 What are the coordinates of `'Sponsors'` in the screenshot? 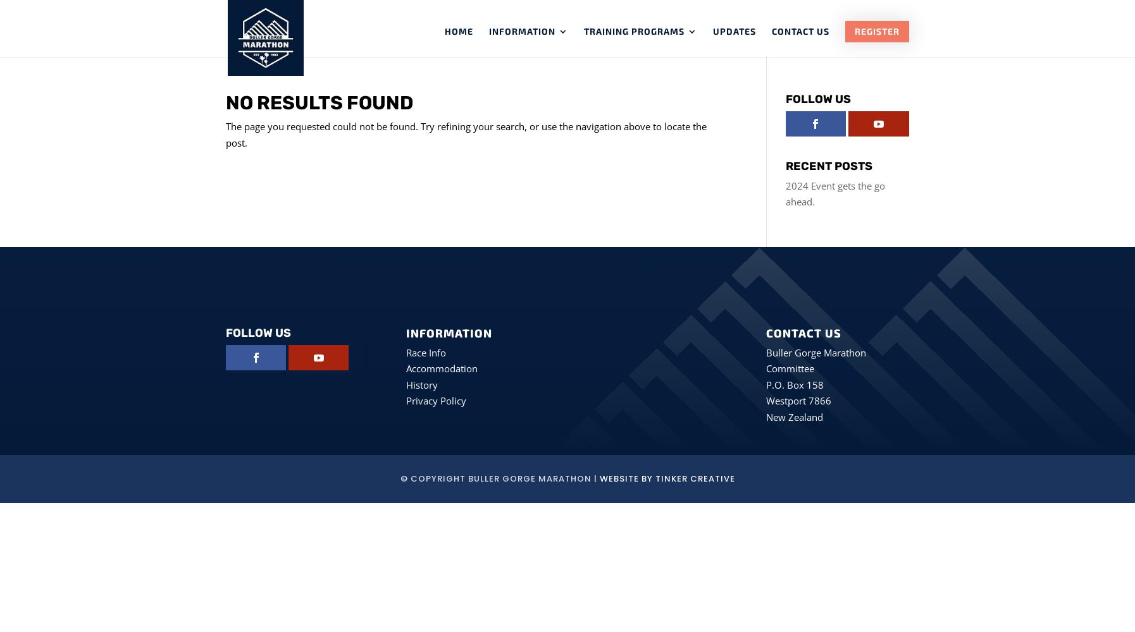 It's located at (540, 185).